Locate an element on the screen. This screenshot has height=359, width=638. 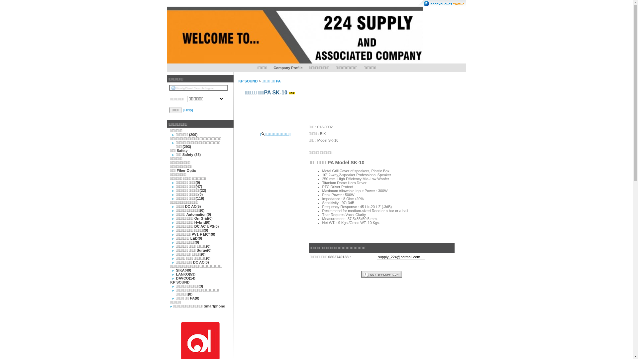
'ReadyPlanet.com' is located at coordinates (442, 3).